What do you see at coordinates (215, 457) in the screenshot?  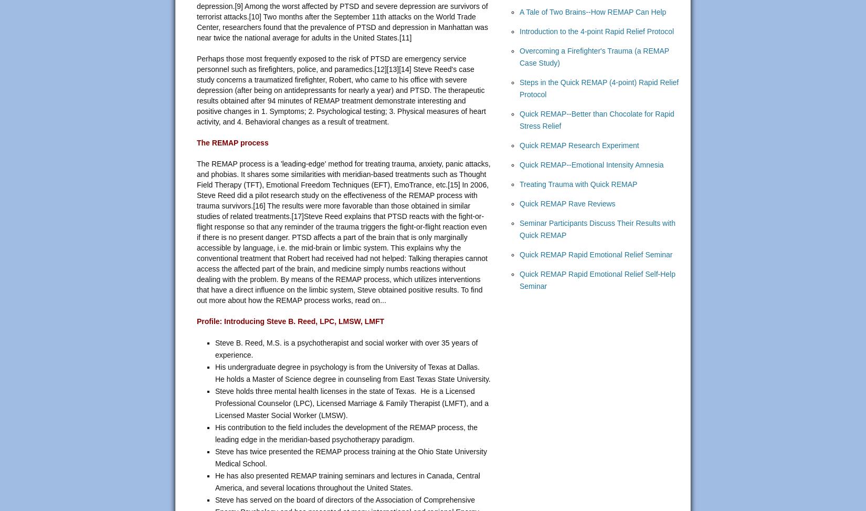 I see `'Steve has twice presented the REMAP process training at the Ohio State University Medical School.'` at bounding box center [215, 457].